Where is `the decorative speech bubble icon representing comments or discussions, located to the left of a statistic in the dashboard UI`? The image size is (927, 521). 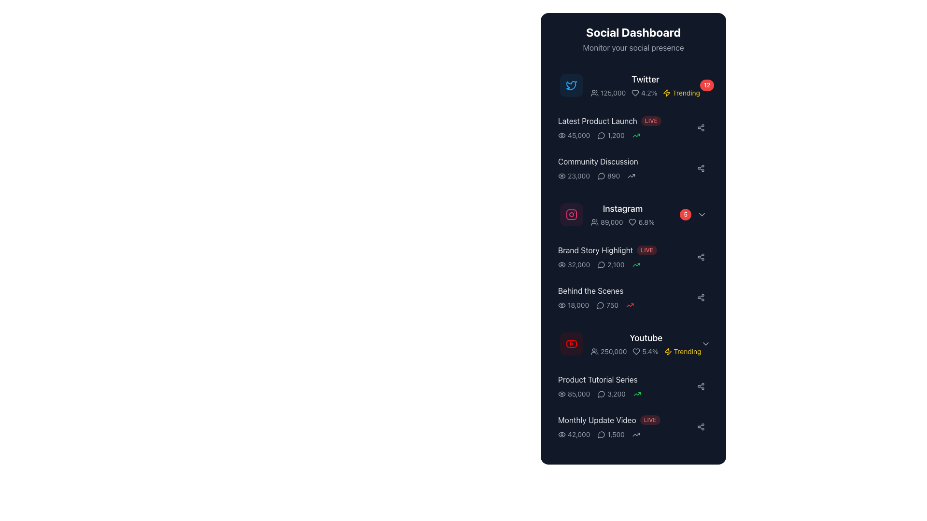
the decorative speech bubble icon representing comments or discussions, located to the left of a statistic in the dashboard UI is located at coordinates (600, 305).